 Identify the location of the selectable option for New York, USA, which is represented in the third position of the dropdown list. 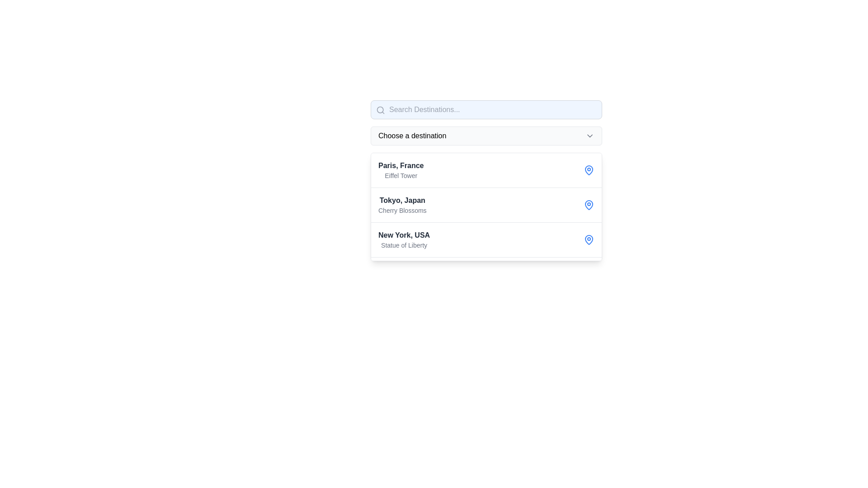
(486, 239).